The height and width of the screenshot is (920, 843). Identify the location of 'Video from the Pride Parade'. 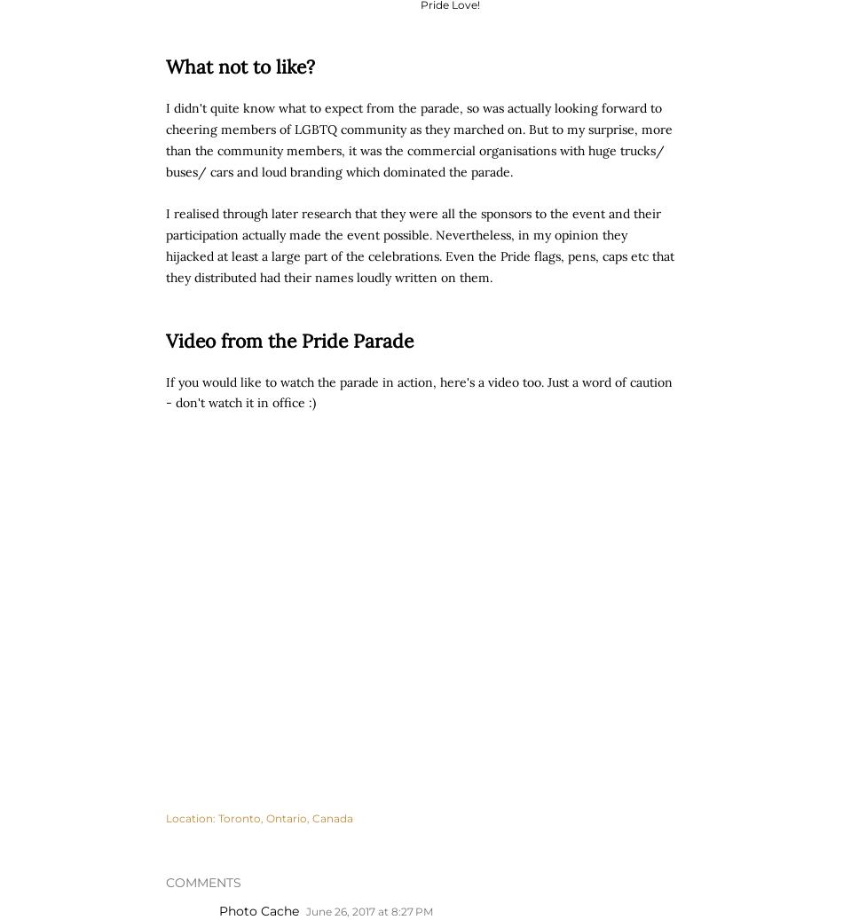
(288, 339).